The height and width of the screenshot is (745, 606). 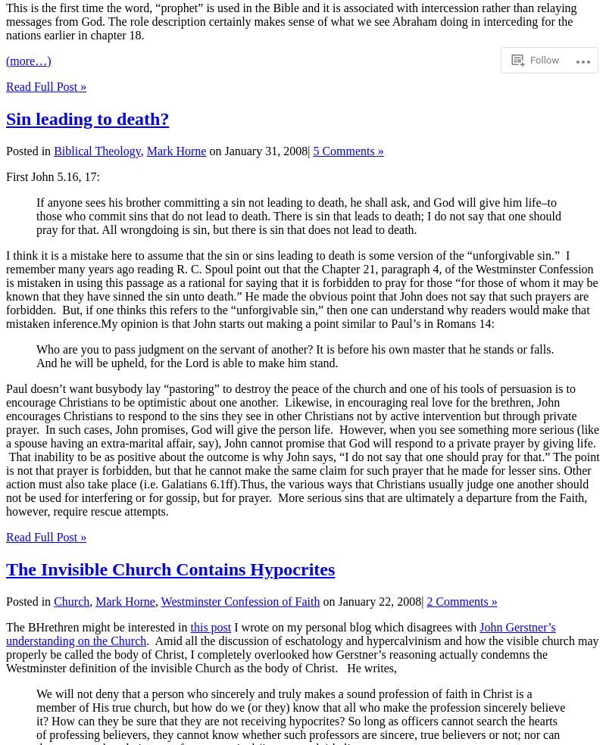 What do you see at coordinates (347, 150) in the screenshot?
I see `'5 Comments »'` at bounding box center [347, 150].